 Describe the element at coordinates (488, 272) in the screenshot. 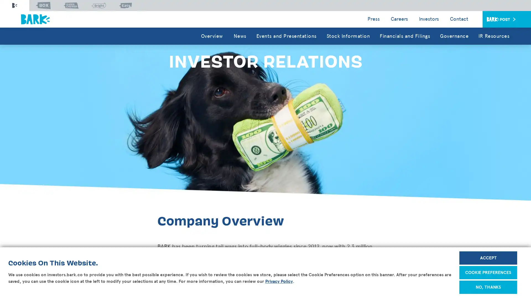

I see `COOKIE PREFERENCES` at that location.